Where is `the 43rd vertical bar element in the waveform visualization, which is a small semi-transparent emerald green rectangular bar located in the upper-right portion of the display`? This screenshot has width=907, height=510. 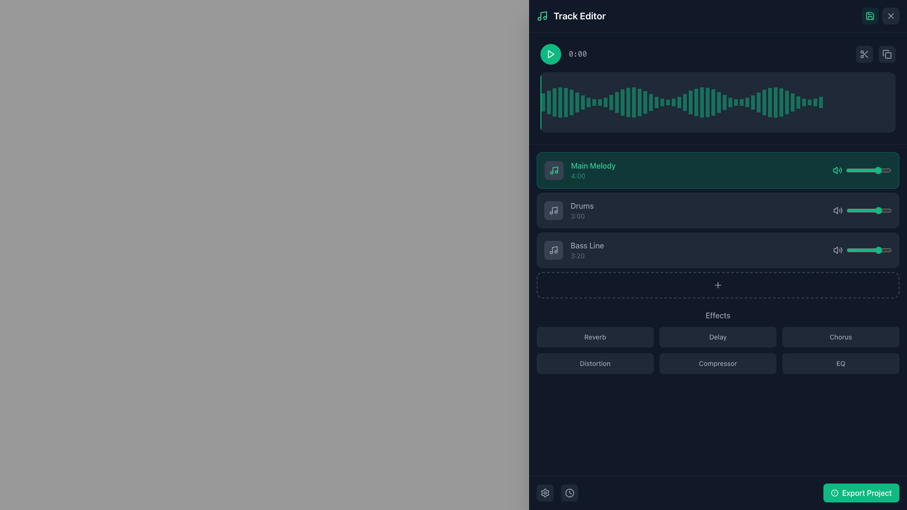 the 43rd vertical bar element in the waveform visualization, which is a small semi-transparent emerald green rectangular bar located in the upper-right portion of the display is located at coordinates (793, 102).